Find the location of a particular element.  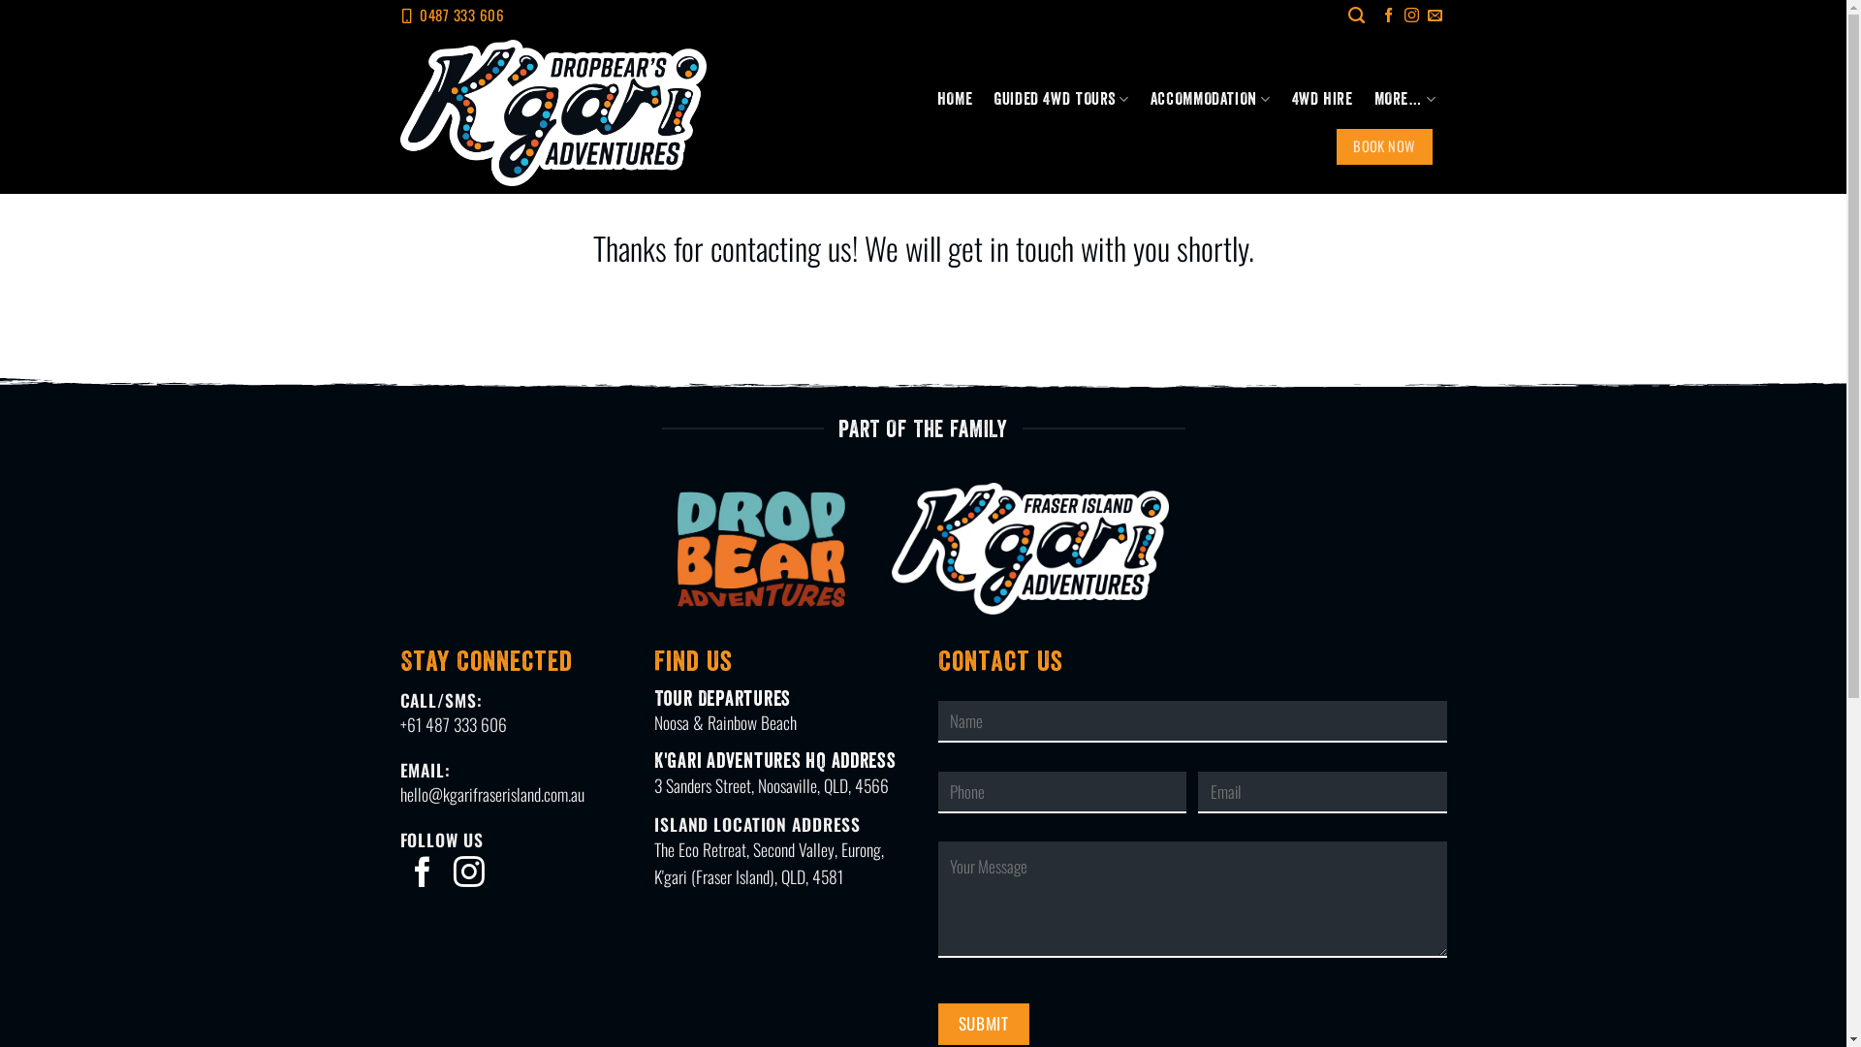

'Follow on Instagram' is located at coordinates (1404, 16).